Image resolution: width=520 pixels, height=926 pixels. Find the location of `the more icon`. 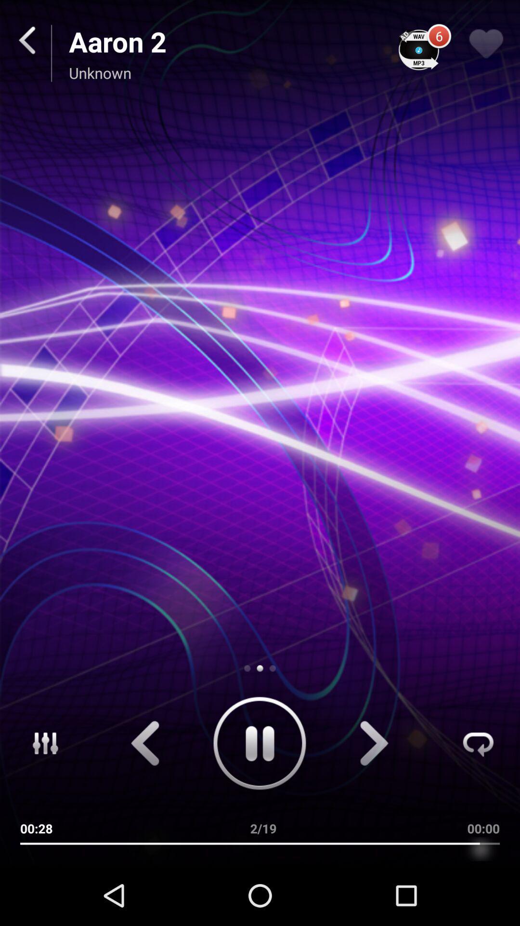

the more icon is located at coordinates (37, 798).